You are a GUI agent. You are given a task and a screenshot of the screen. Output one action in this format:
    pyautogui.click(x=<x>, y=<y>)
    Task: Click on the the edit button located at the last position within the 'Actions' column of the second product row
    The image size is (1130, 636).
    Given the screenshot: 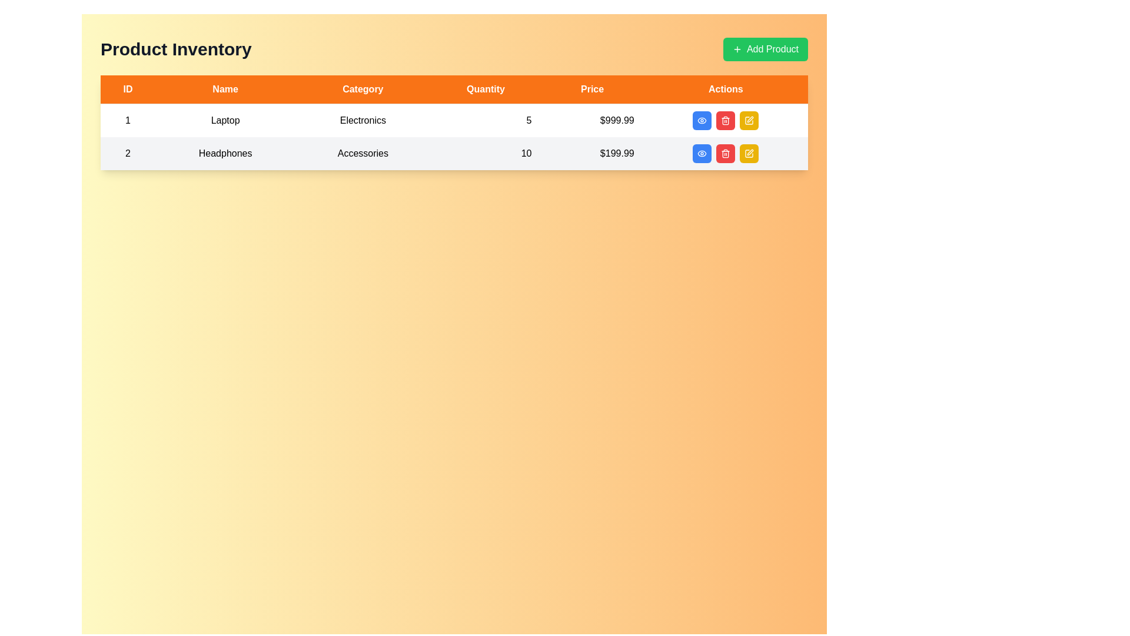 What is the action you would take?
    pyautogui.click(x=749, y=153)
    